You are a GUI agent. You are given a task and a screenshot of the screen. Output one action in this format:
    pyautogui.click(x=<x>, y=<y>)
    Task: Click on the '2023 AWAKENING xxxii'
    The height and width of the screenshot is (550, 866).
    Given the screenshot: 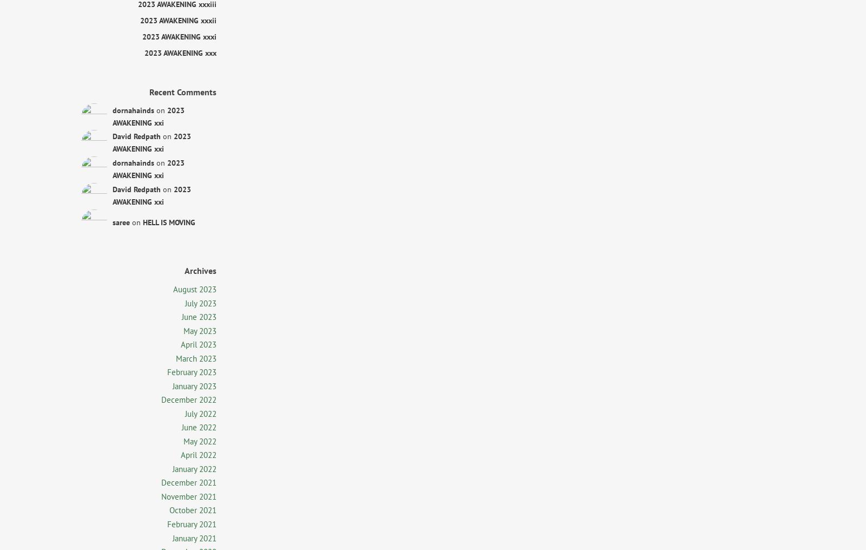 What is the action you would take?
    pyautogui.click(x=178, y=19)
    